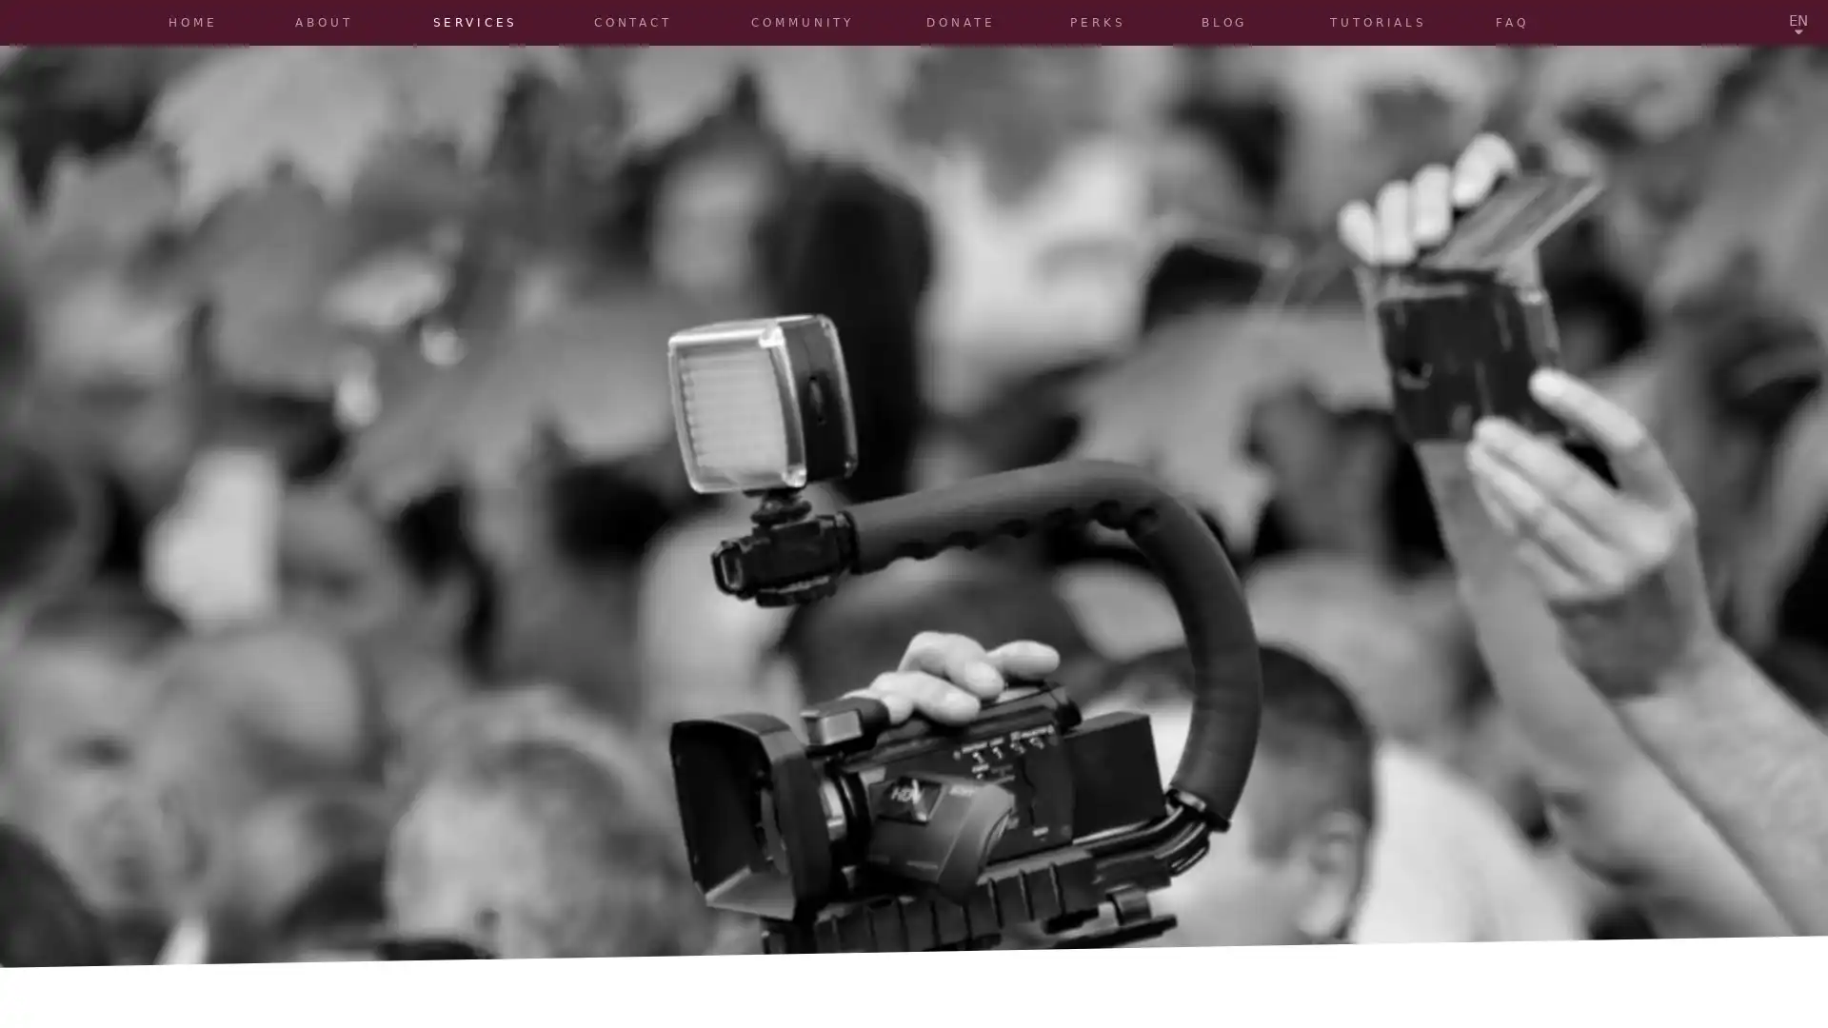 This screenshot has height=1028, width=1828. What do you see at coordinates (1798, 20) in the screenshot?
I see `EN` at bounding box center [1798, 20].